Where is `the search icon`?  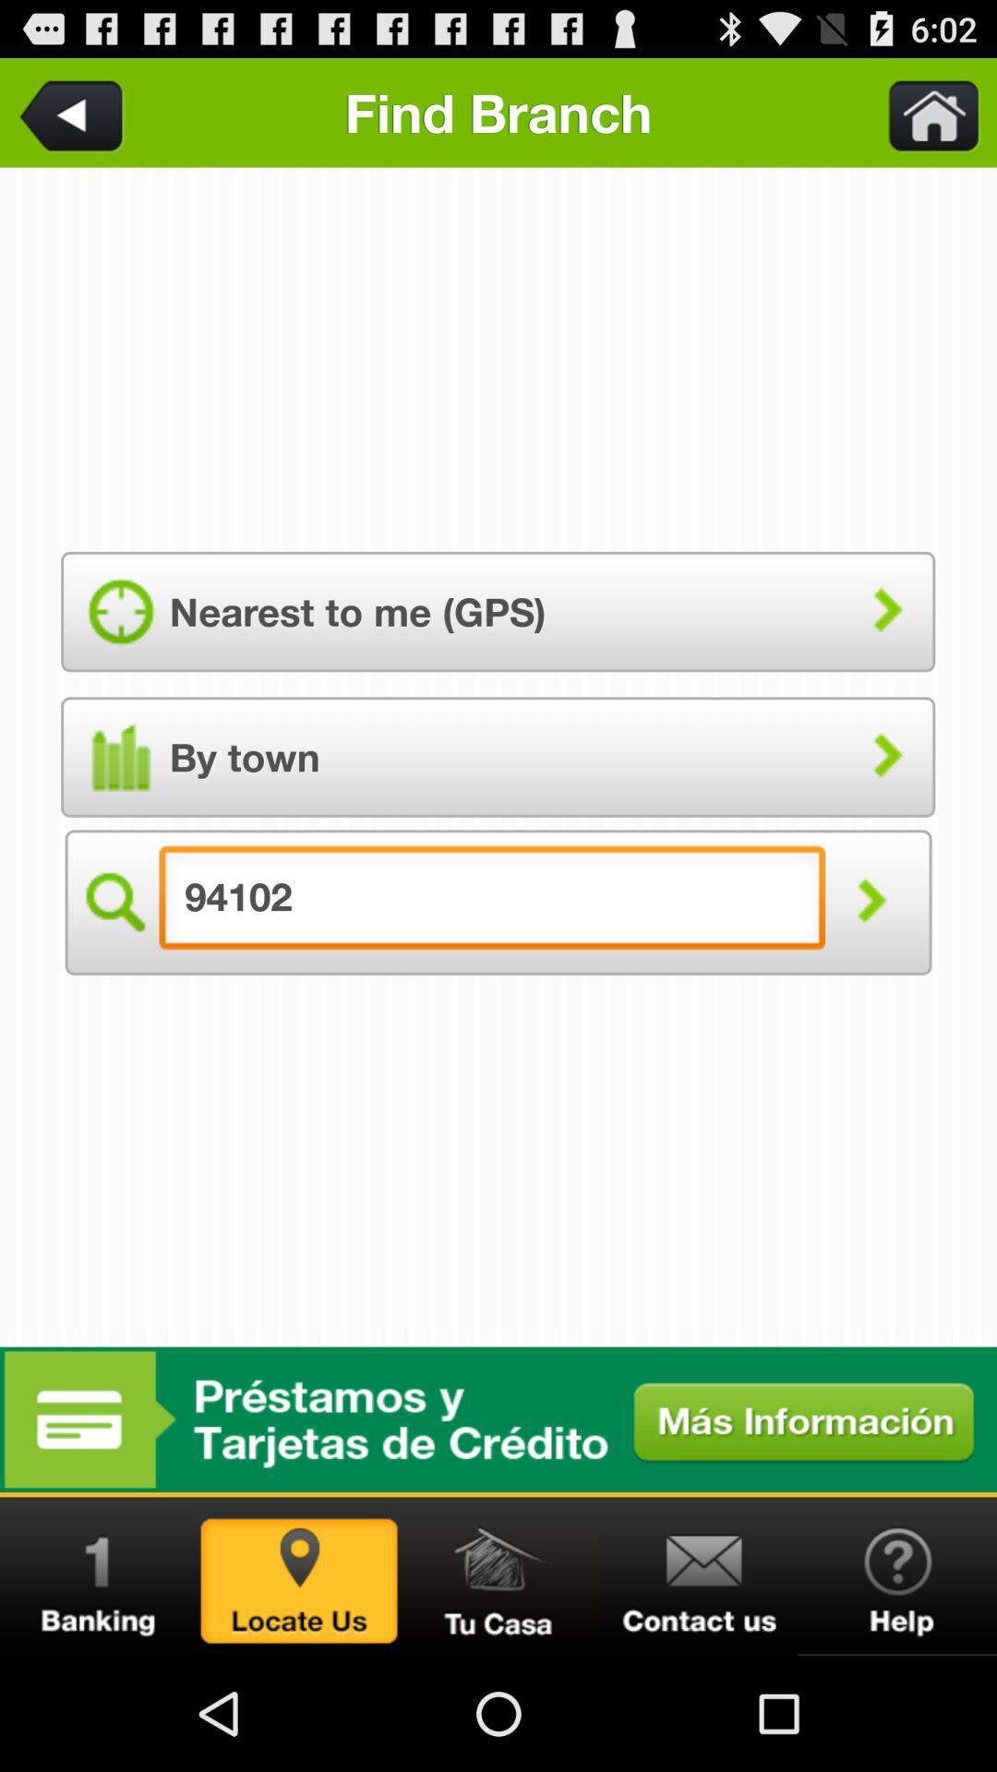
the search icon is located at coordinates (113, 902).